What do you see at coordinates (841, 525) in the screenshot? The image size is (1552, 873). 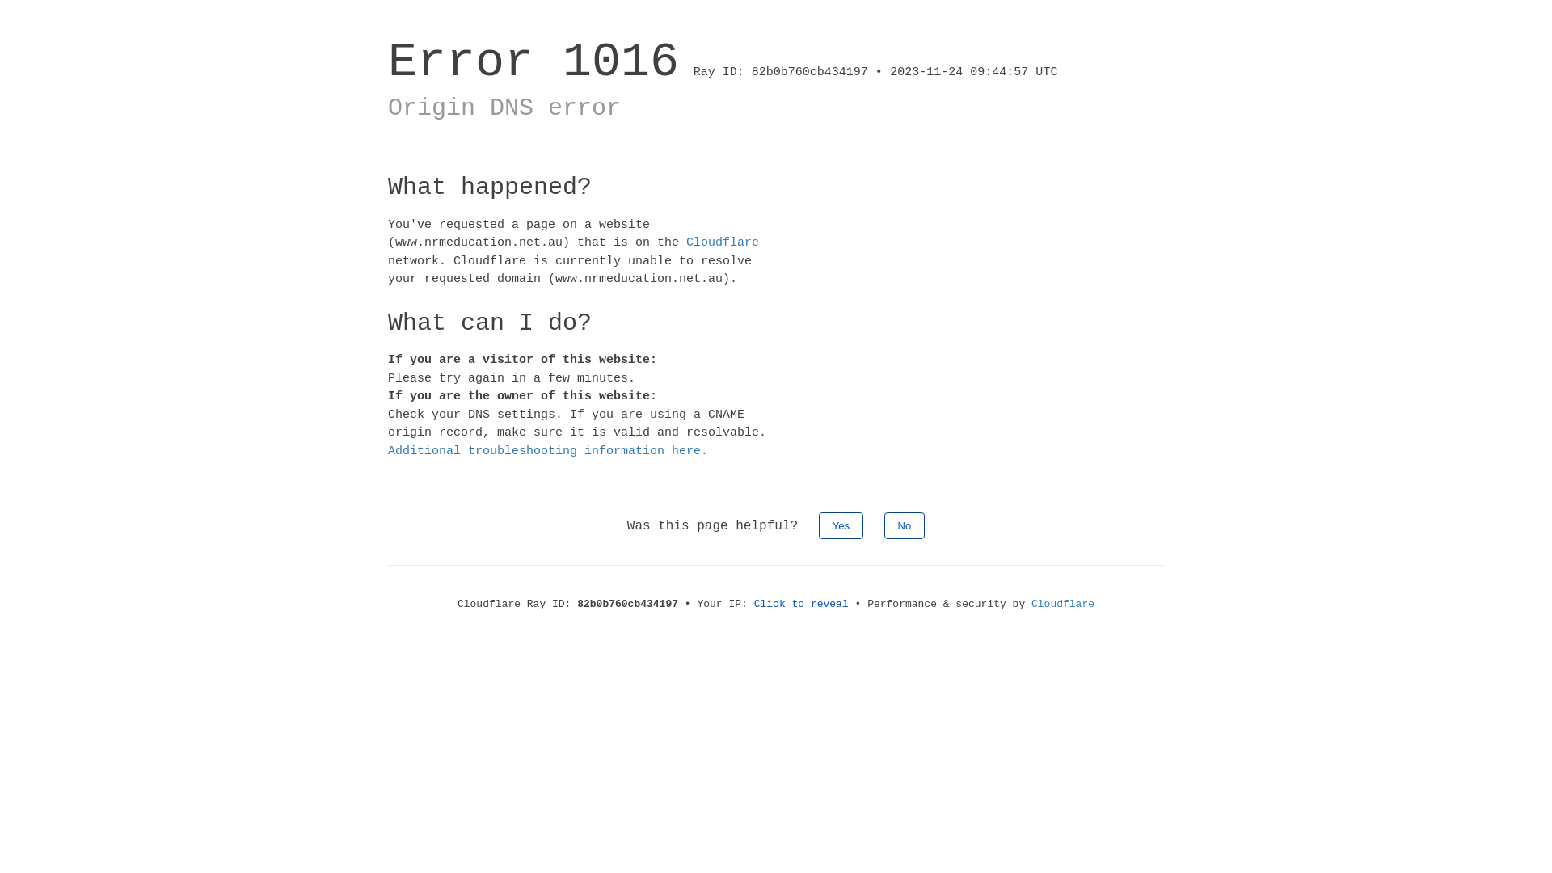 I see `'Yes'` at bounding box center [841, 525].